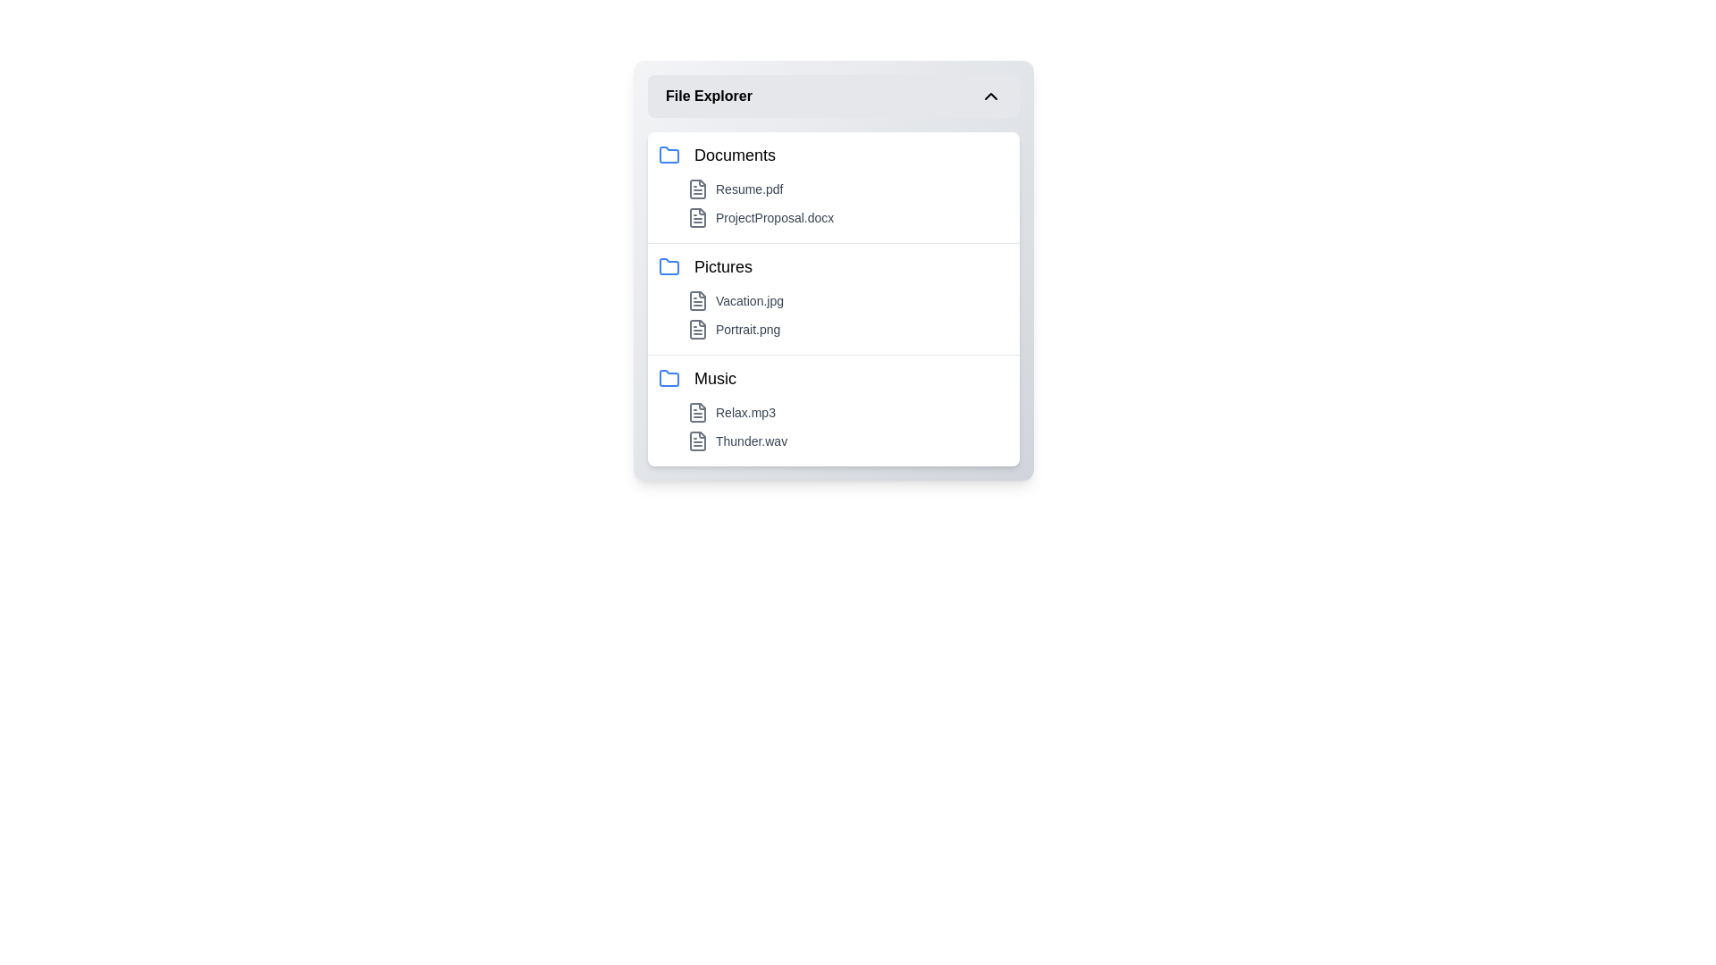 This screenshot has height=965, width=1716. What do you see at coordinates (847, 299) in the screenshot?
I see `the file named Vacation.jpg to select it` at bounding box center [847, 299].